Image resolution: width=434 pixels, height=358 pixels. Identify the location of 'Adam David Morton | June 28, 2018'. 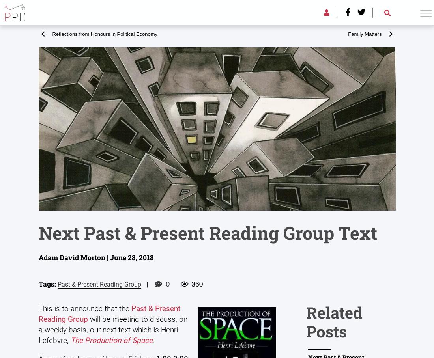
(38, 257).